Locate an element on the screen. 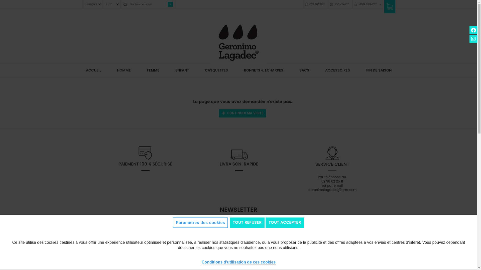 Image resolution: width=481 pixels, height=270 pixels. 'TOUT ACCEPTER' is located at coordinates (285, 222).